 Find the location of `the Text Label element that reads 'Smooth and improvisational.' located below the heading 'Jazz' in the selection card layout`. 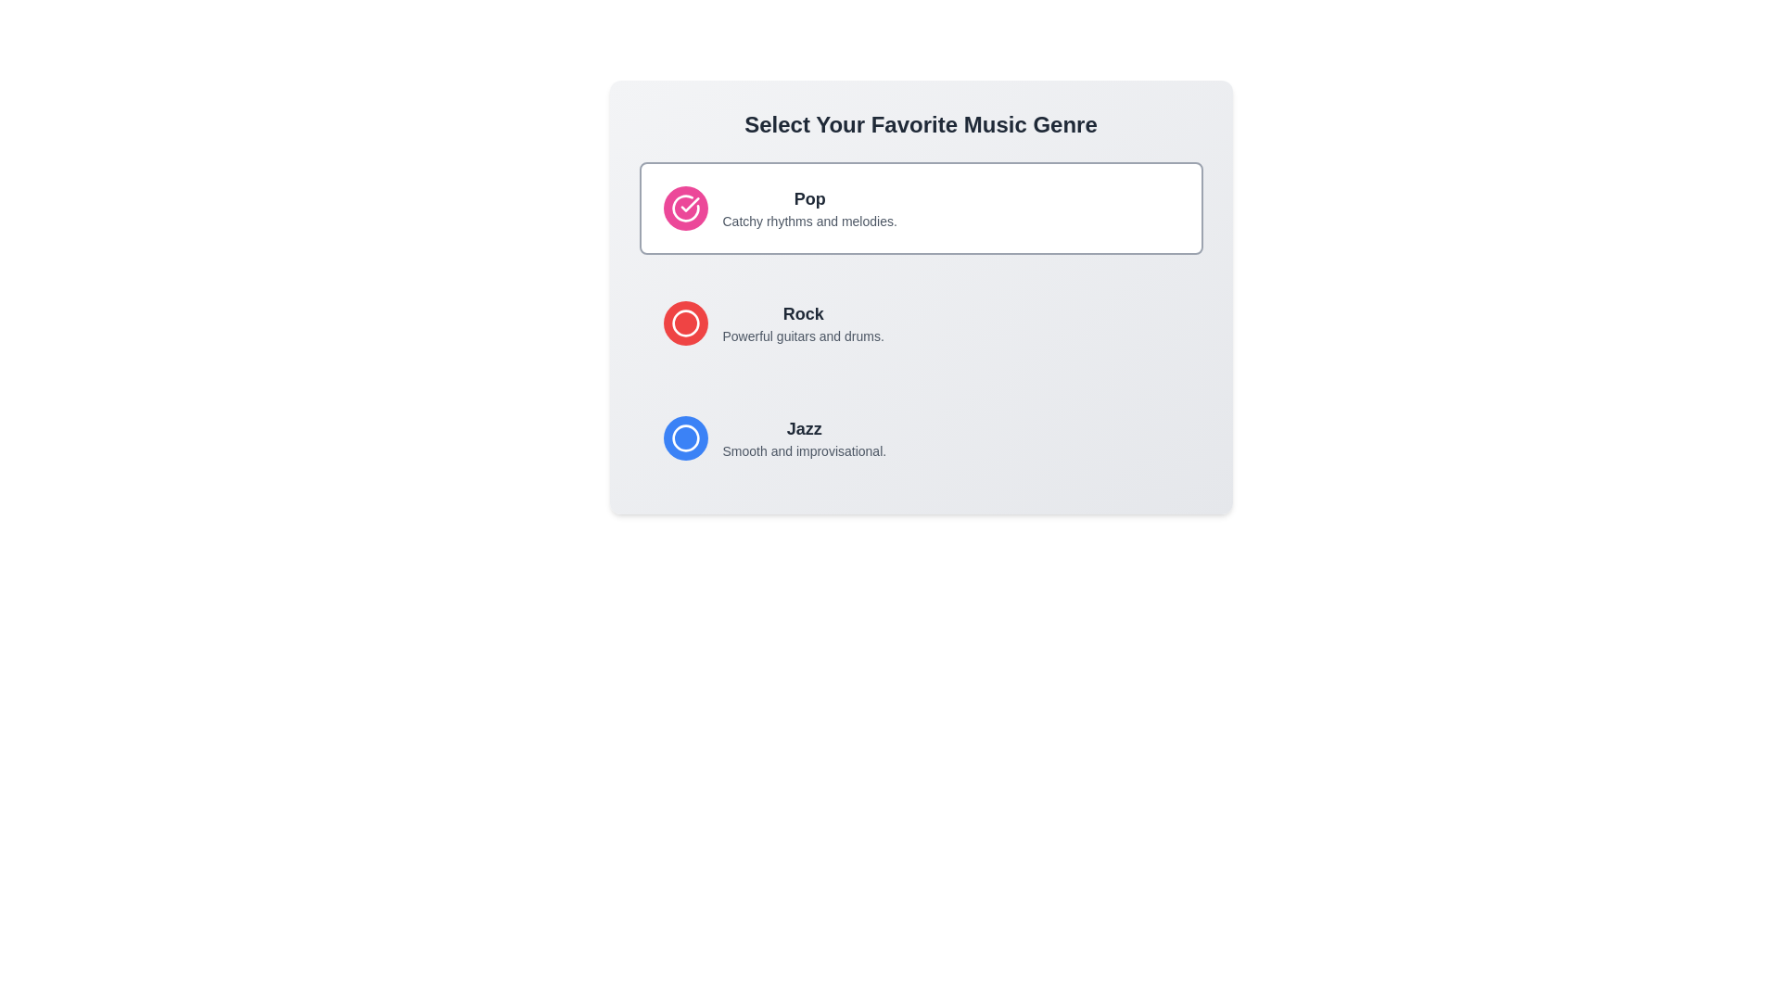

the Text Label element that reads 'Smooth and improvisational.' located below the heading 'Jazz' in the selection card layout is located at coordinates (804, 450).